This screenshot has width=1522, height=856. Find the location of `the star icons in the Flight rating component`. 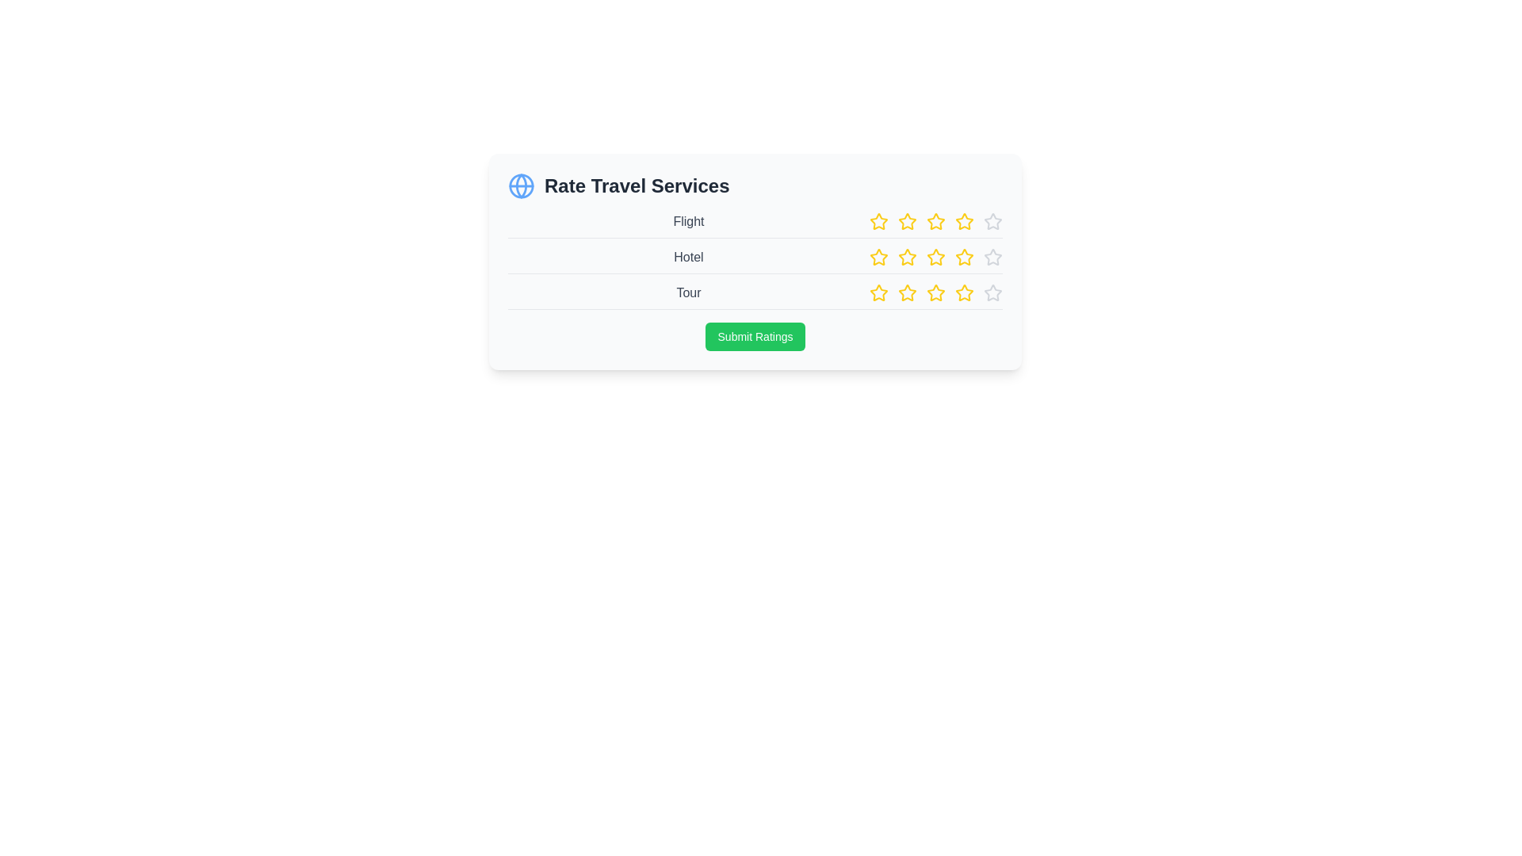

the star icons in the Flight rating component is located at coordinates (755, 225).